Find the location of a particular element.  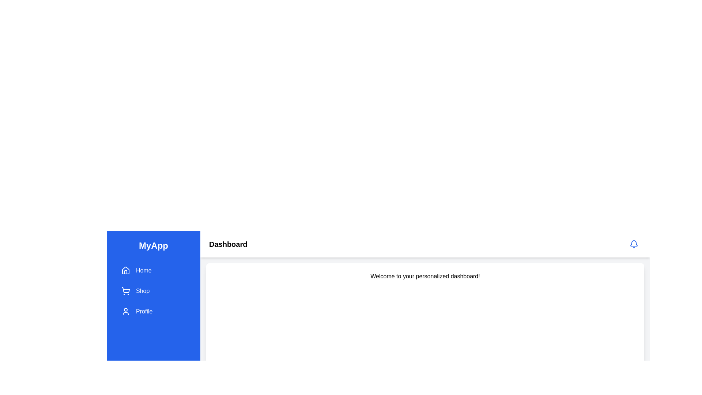

the bold text label that reads 'Dashboard', located in the white bar section at the top left of the interface is located at coordinates (228, 244).